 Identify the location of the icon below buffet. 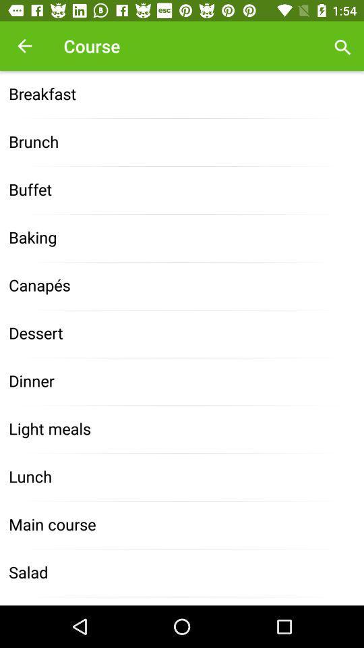
(182, 238).